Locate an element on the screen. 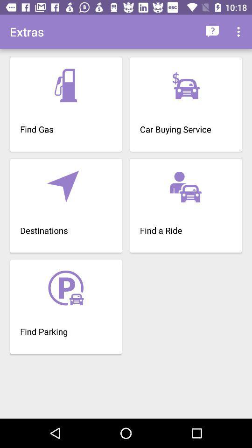  the item next to extras is located at coordinates (212, 32).